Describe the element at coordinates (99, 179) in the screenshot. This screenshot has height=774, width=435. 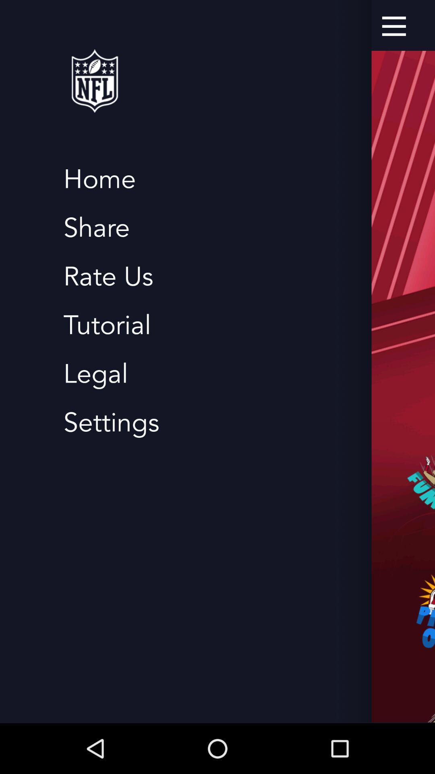
I see `the app above the share icon` at that location.